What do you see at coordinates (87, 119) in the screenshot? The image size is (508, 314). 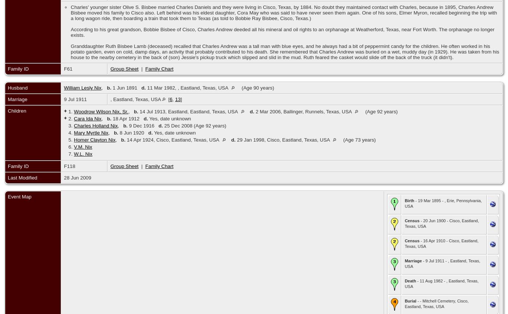 I see `'Cara Ida Nix'` at bounding box center [87, 119].